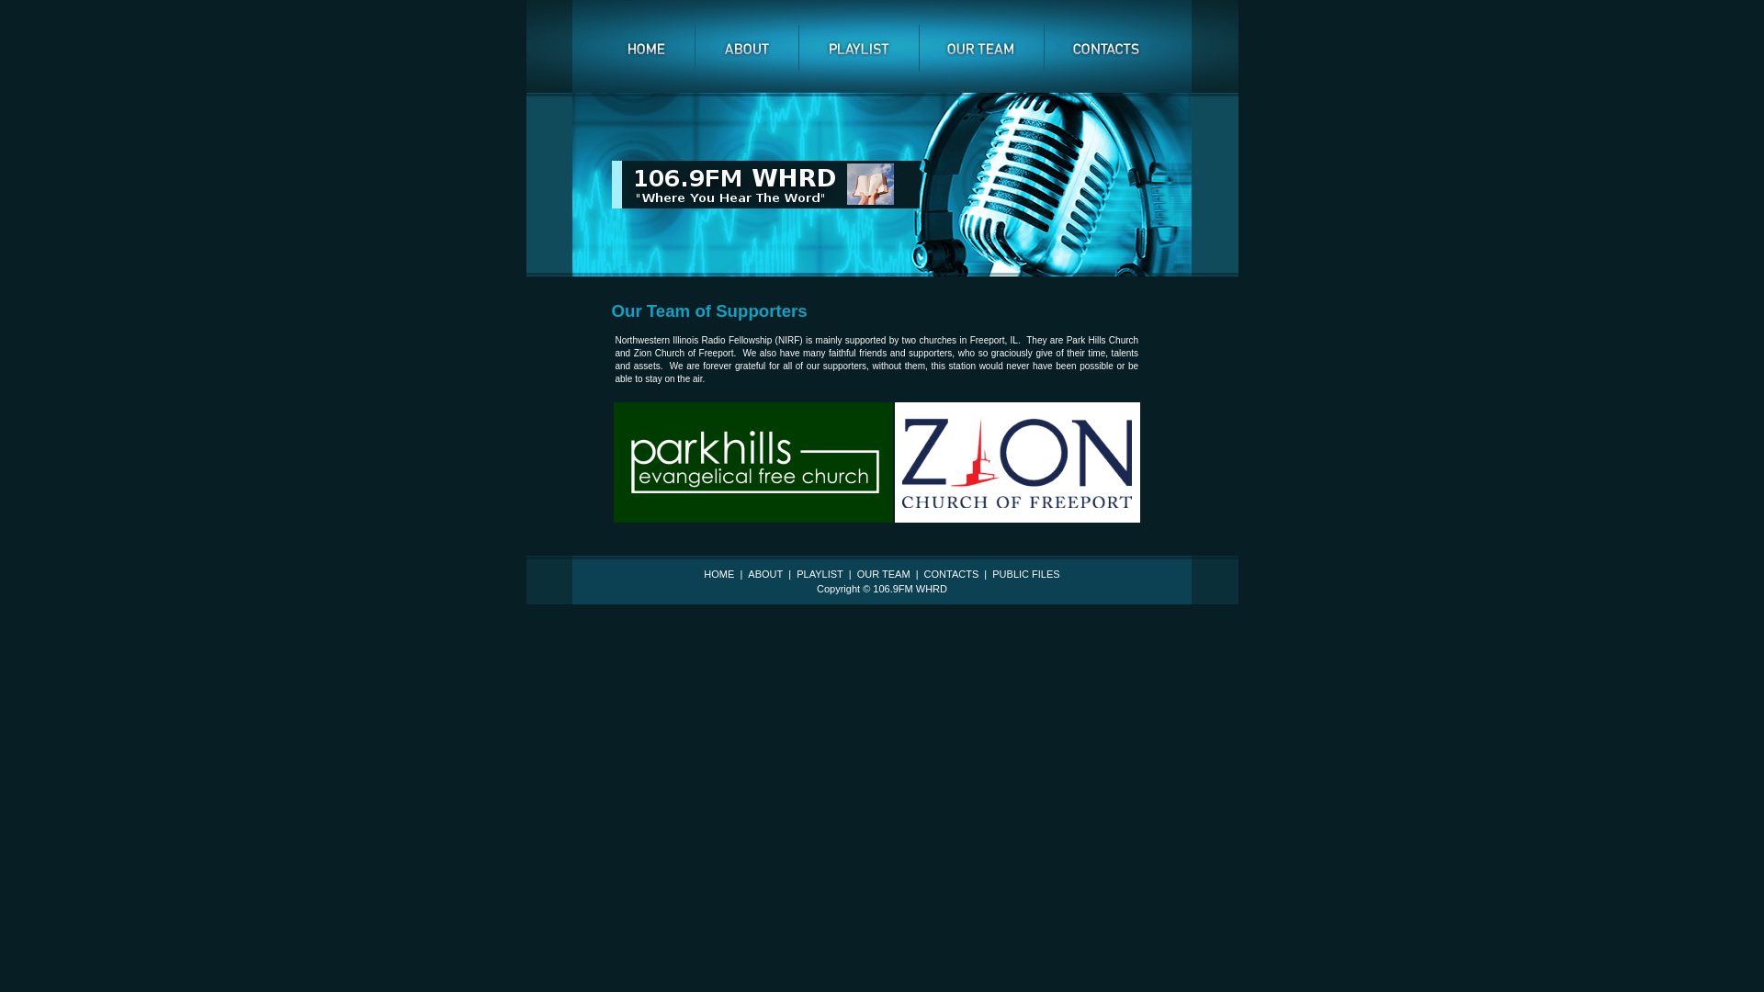 The image size is (1764, 992). Describe the element at coordinates (746, 47) in the screenshot. I see `'about'` at that location.